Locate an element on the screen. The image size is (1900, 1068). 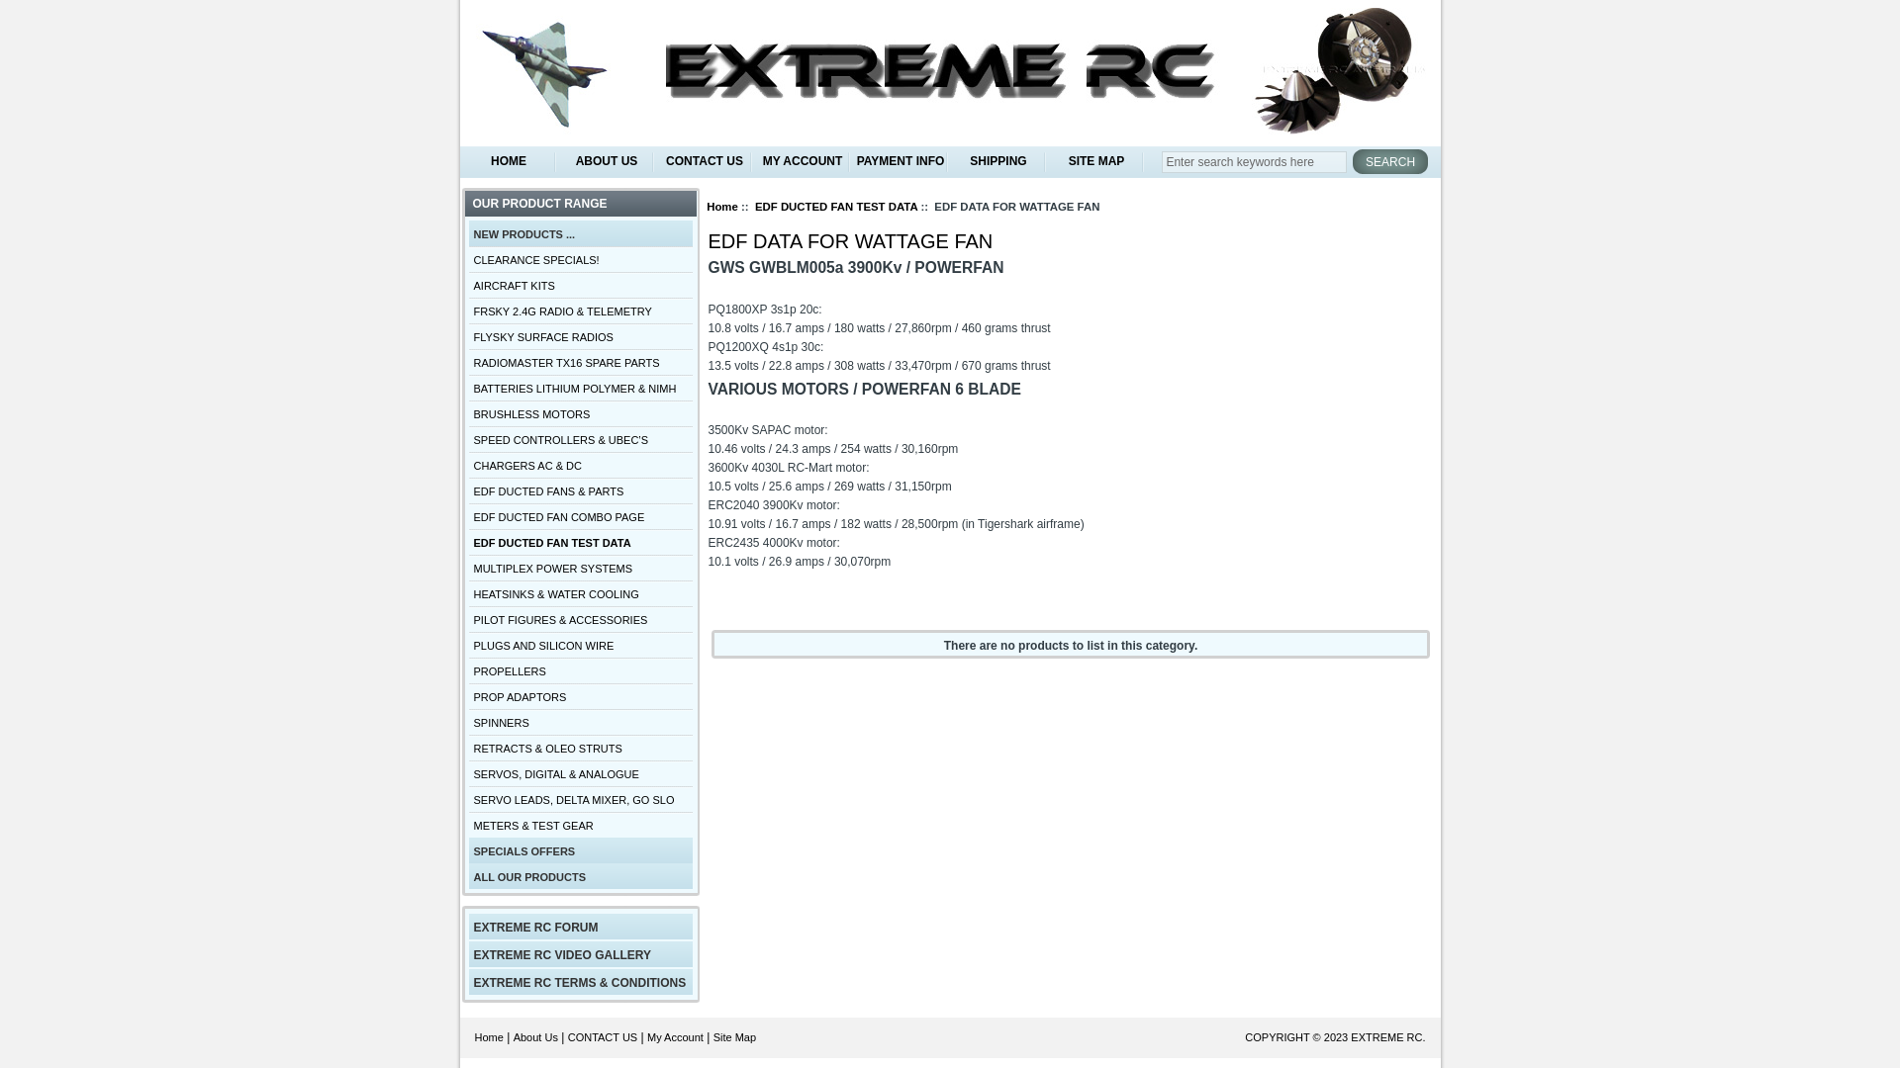
'ABOUT US' is located at coordinates (606, 160).